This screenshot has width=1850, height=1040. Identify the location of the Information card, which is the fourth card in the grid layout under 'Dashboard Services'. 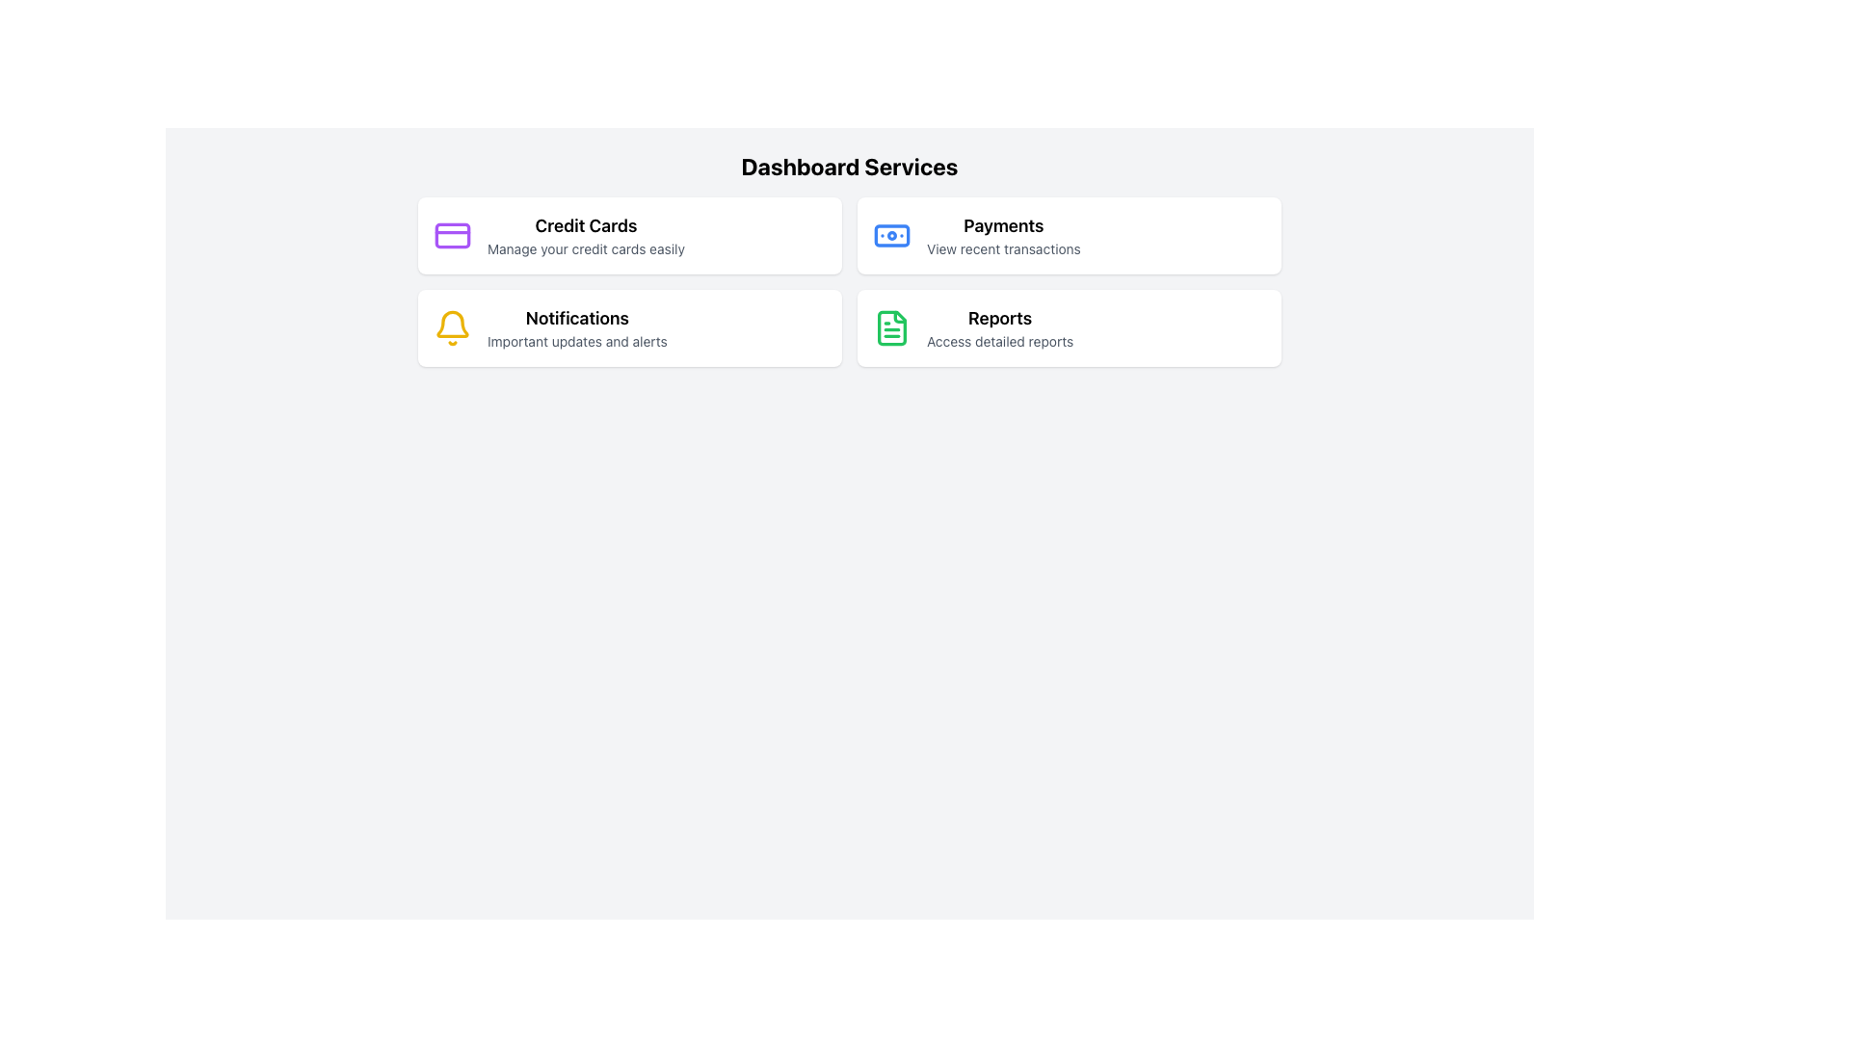
(1068, 326).